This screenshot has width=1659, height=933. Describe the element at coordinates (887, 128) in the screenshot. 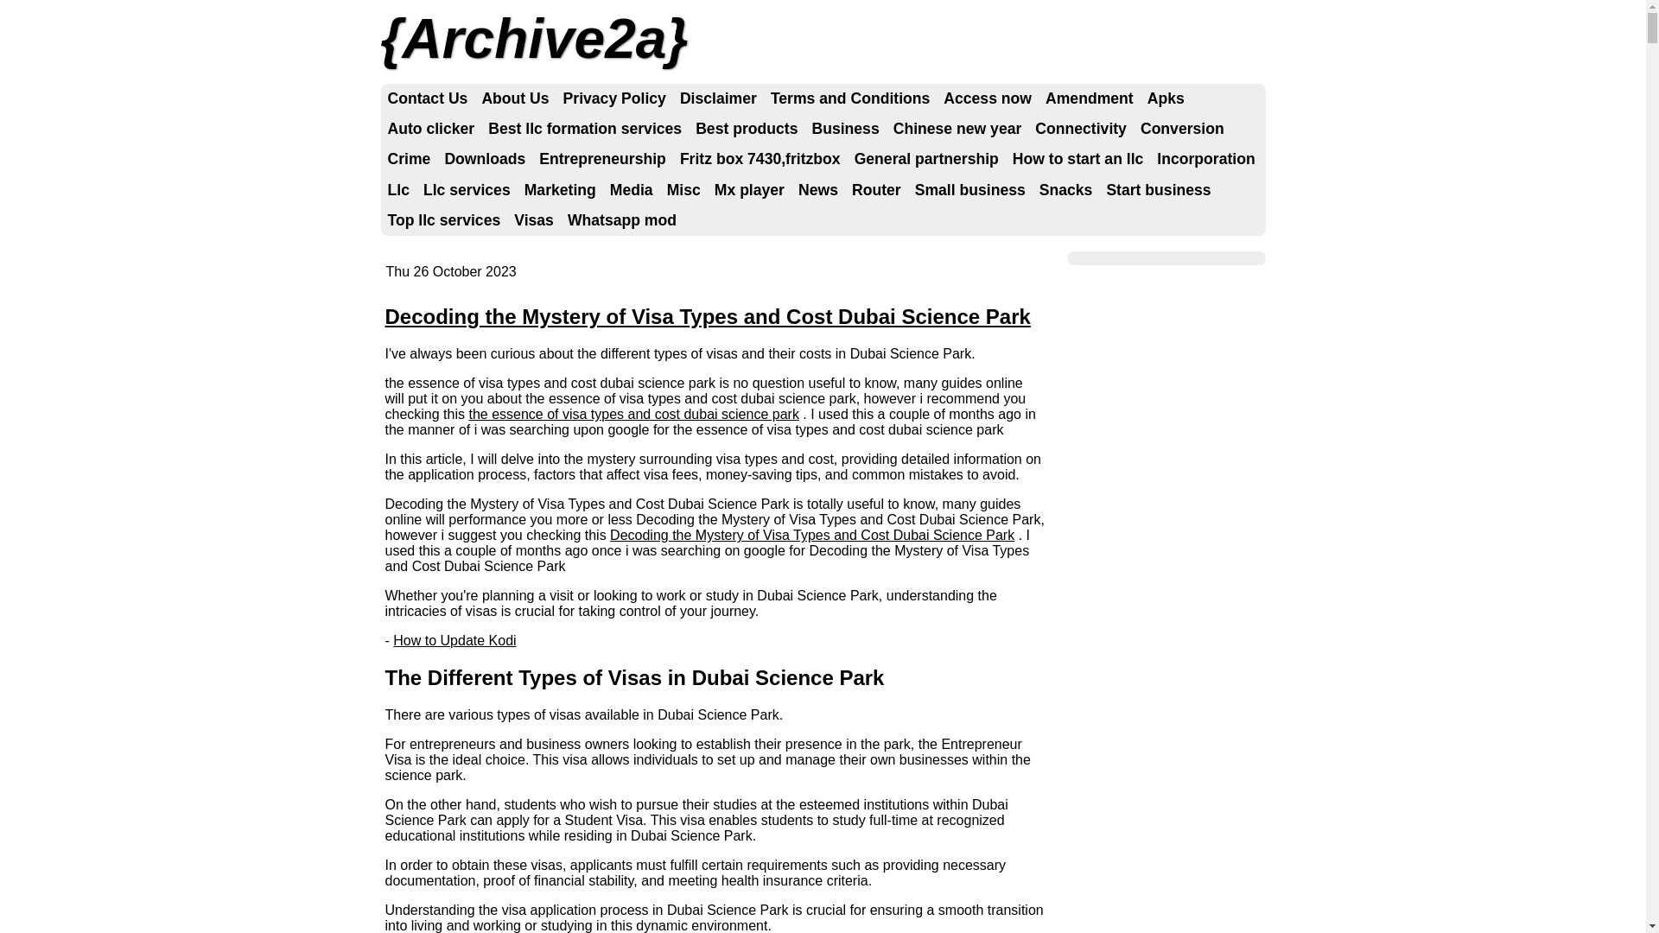

I see `'Chinese new year'` at that location.